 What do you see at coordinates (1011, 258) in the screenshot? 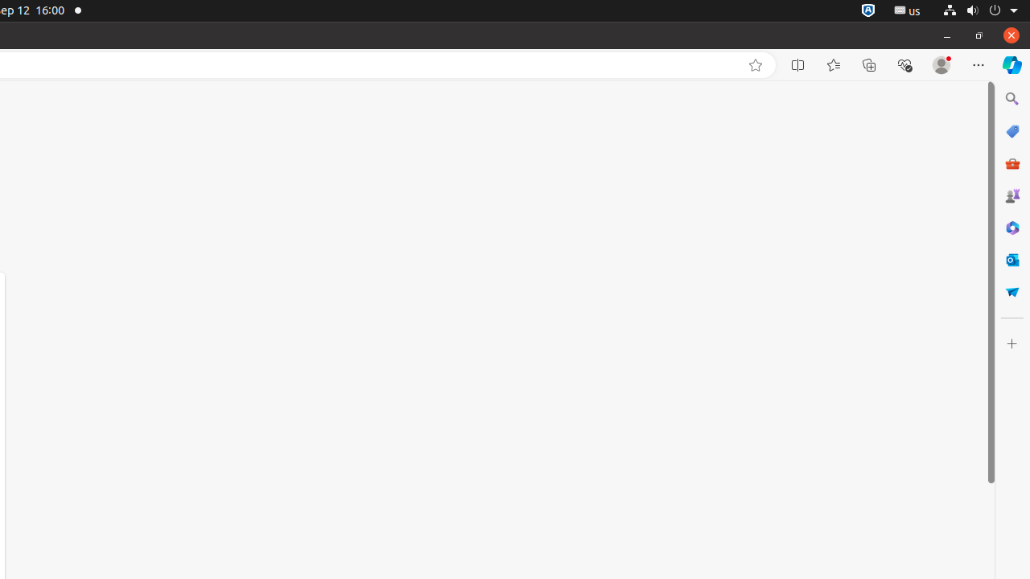
I see `'Outlook'` at bounding box center [1011, 258].